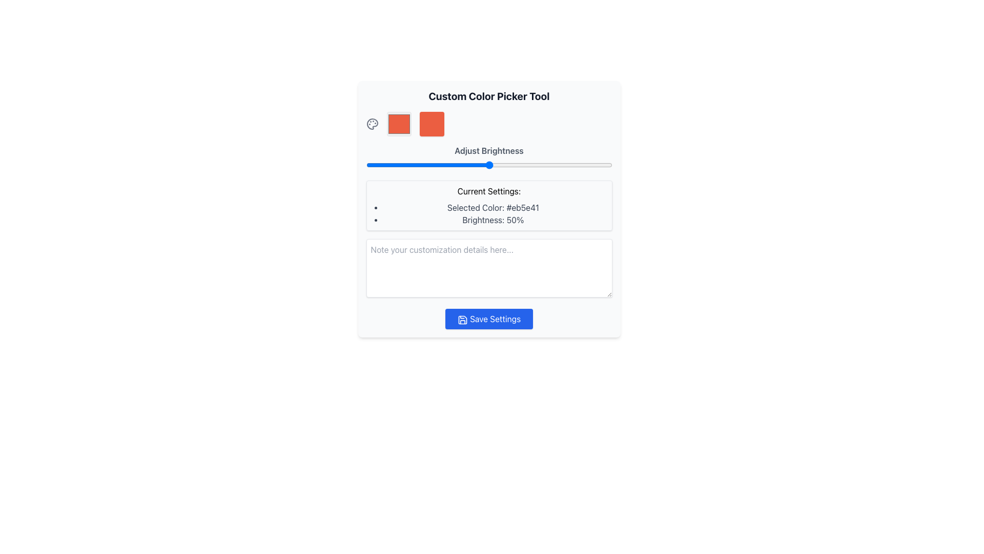 This screenshot has height=554, width=984. What do you see at coordinates (471, 164) in the screenshot?
I see `brightness` at bounding box center [471, 164].